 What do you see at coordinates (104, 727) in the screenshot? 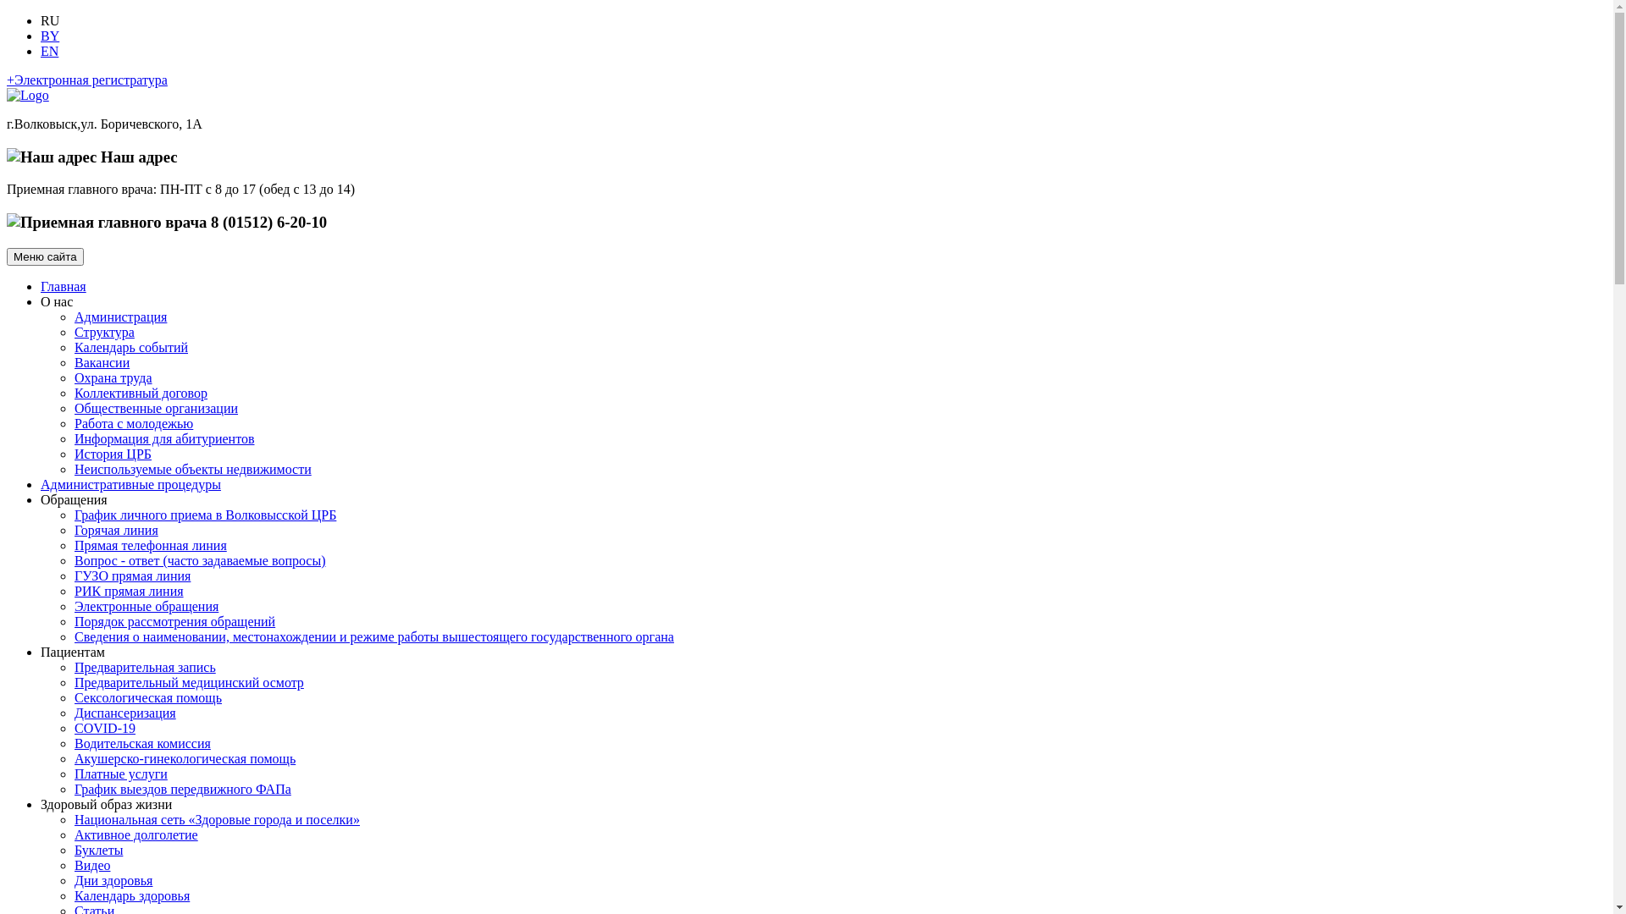
I see `'COVID-19'` at bounding box center [104, 727].